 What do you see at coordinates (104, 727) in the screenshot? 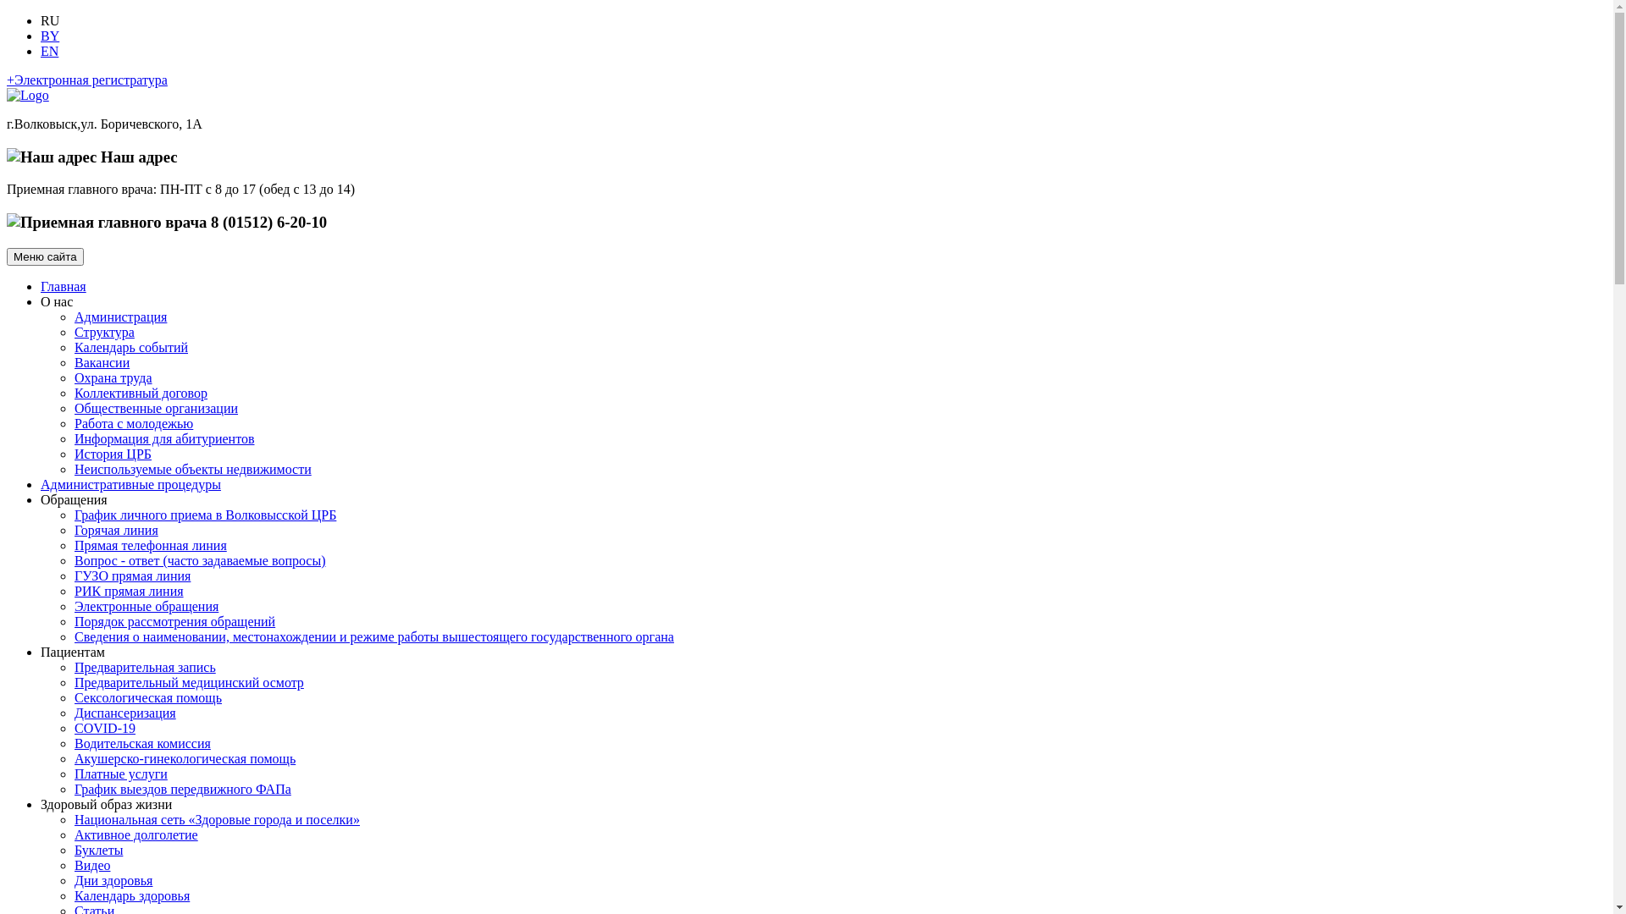
I see `'COVID-19'` at bounding box center [104, 727].